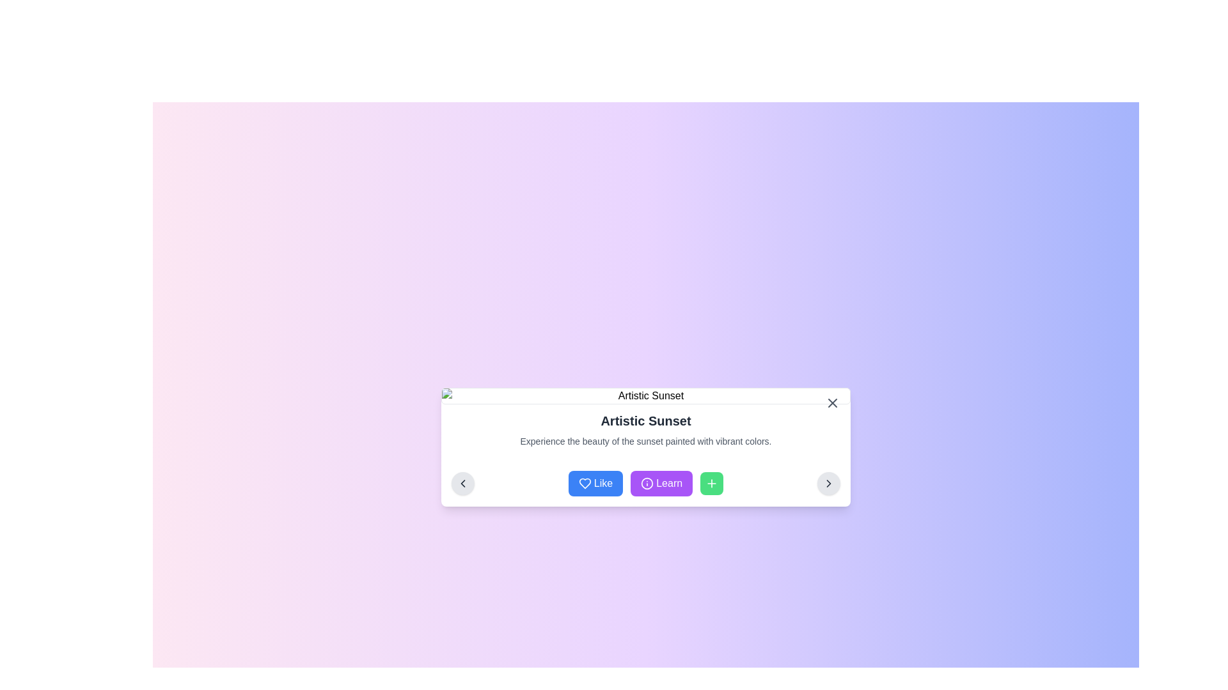  What do you see at coordinates (584, 483) in the screenshot?
I see `the 'Like' icon located within the 'Like' button on the bottom section of the card-styled popup interface to potentially display additional information or a tooltip` at bounding box center [584, 483].